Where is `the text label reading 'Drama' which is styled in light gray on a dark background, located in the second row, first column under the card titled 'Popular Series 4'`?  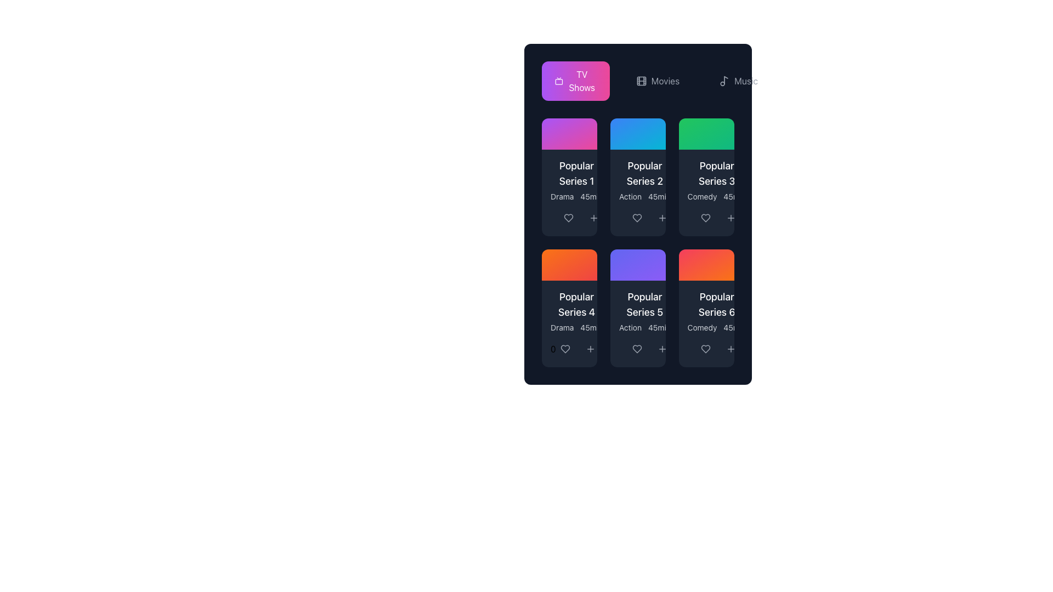
the text label reading 'Drama' which is styled in light gray on a dark background, located in the second row, first column under the card titled 'Popular Series 4' is located at coordinates (562, 327).